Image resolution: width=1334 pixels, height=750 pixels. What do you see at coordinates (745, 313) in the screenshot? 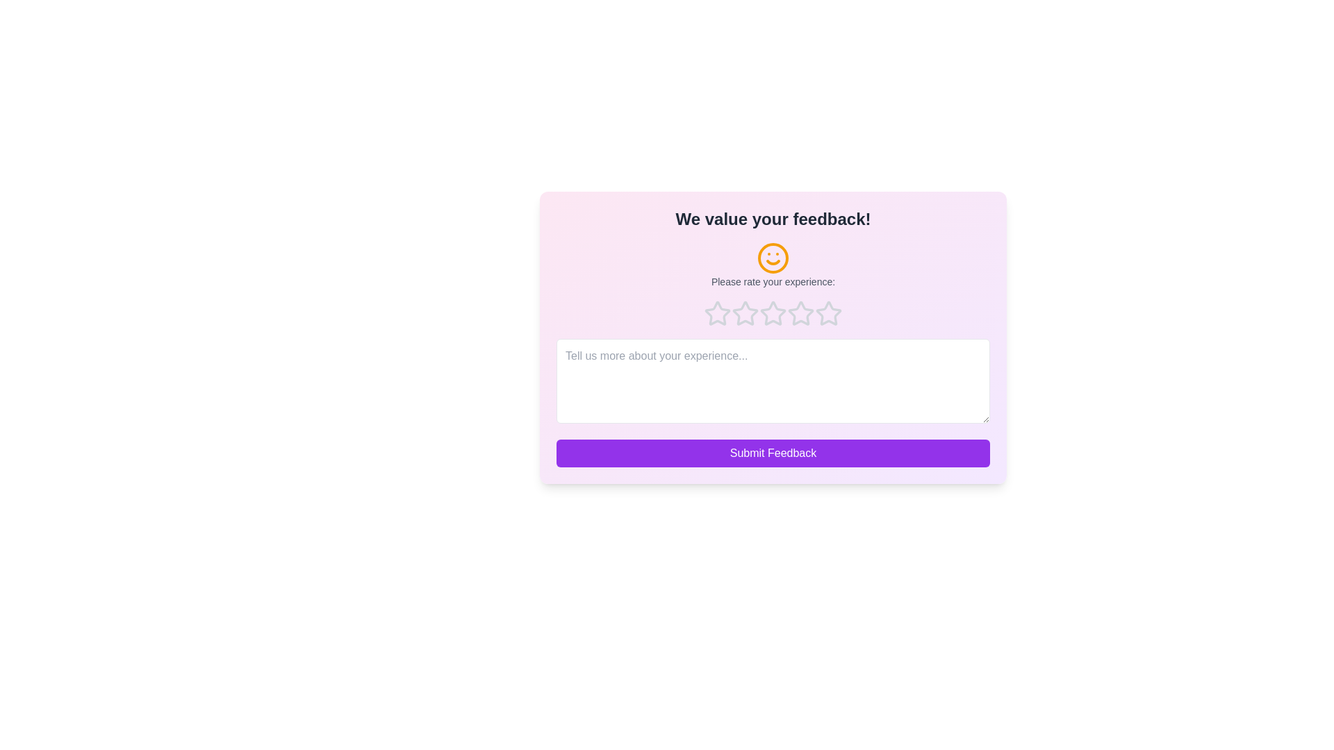
I see `the second star in the five-star rating system` at bounding box center [745, 313].